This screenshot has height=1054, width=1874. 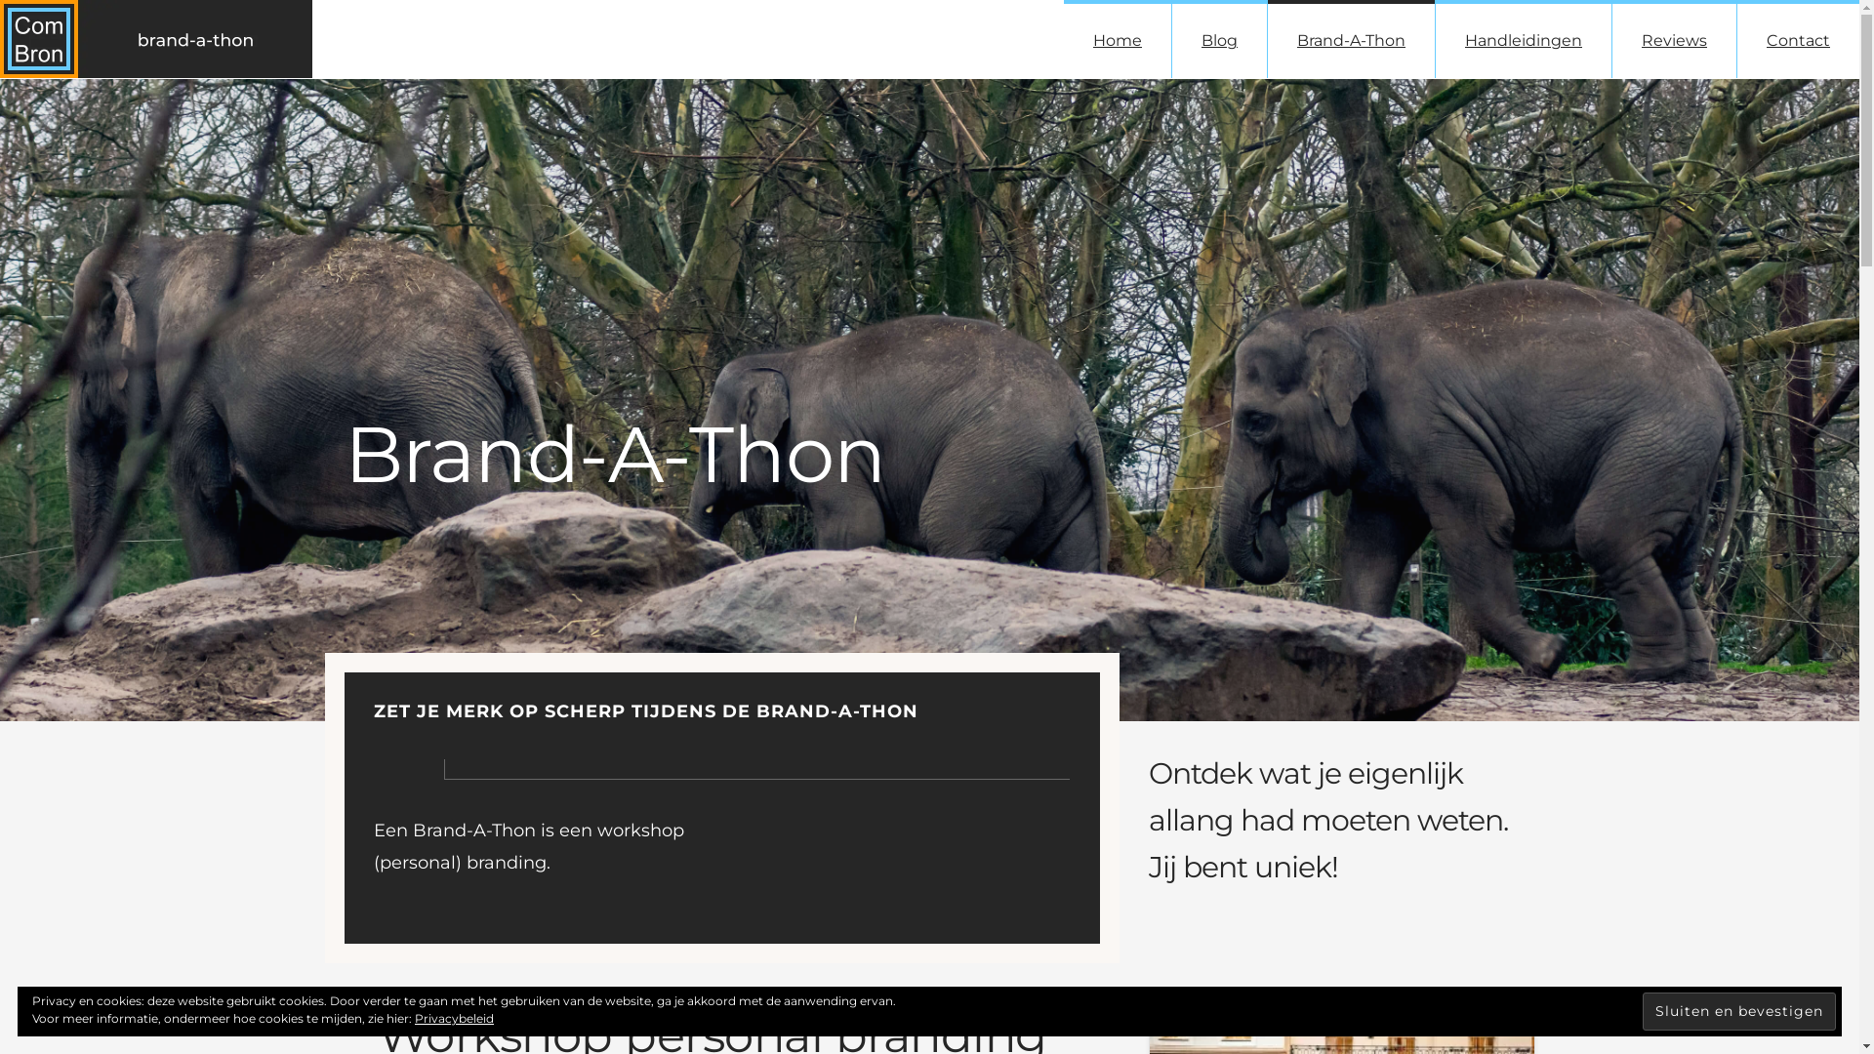 I want to click on 'Sluiten en bevestigen', so click(x=1738, y=1010).